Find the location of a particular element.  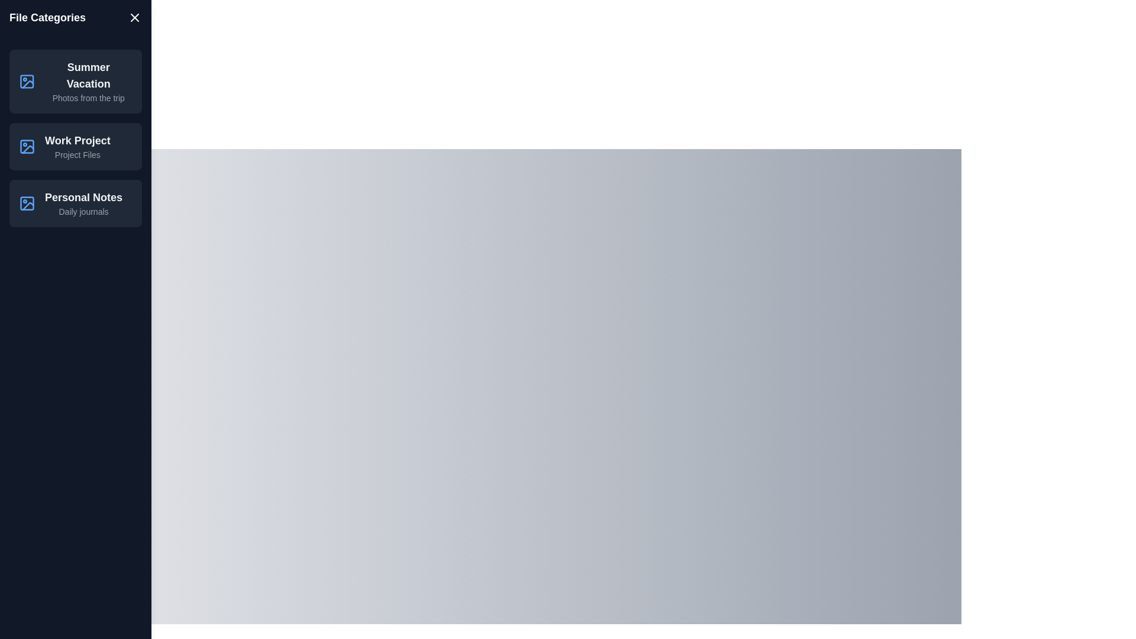

close button to close the drawer is located at coordinates (134, 18).